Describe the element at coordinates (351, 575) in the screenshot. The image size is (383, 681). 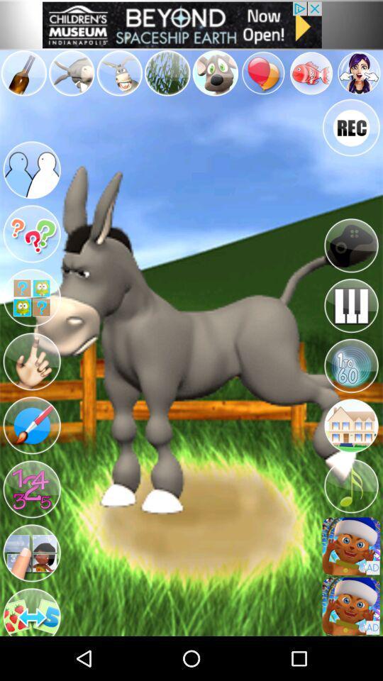
I see `the list icon` at that location.